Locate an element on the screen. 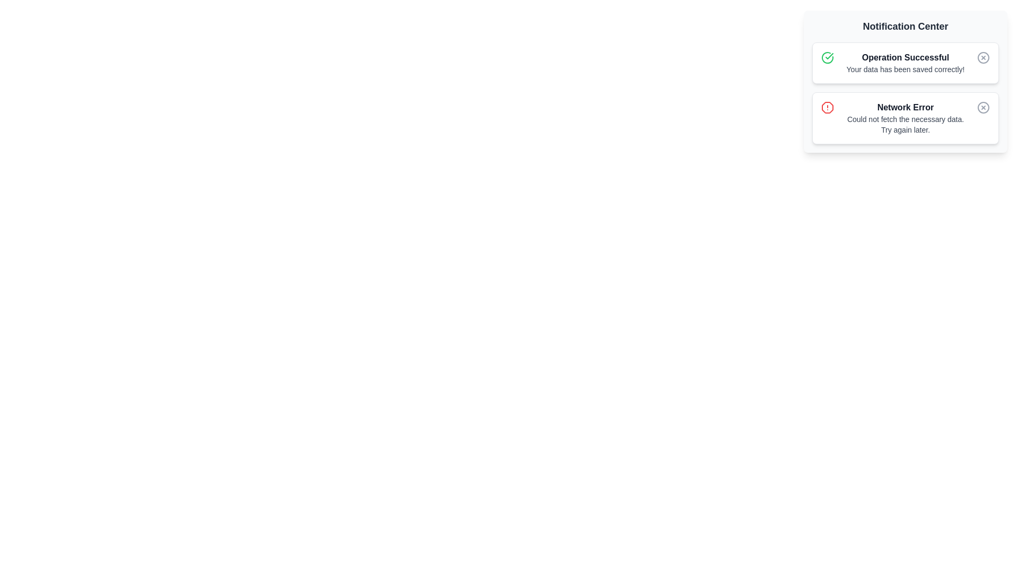  the circular shape icon representing the close action in the 'Network Error' notification panel is located at coordinates (982, 108).